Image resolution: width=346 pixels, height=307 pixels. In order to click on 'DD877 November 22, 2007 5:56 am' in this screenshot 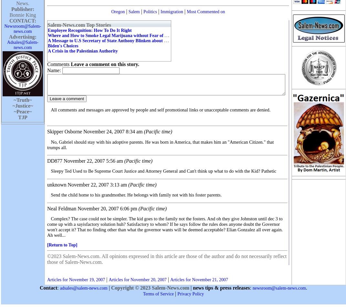, I will do `click(85, 161)`.